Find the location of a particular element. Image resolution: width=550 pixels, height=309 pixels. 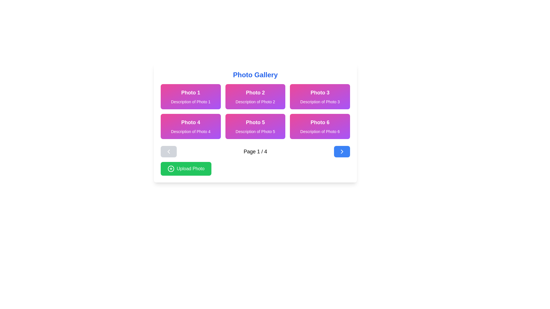

the chevron icon located within the small blue circular button in the bottom-right corner of the interface is located at coordinates (342, 151).